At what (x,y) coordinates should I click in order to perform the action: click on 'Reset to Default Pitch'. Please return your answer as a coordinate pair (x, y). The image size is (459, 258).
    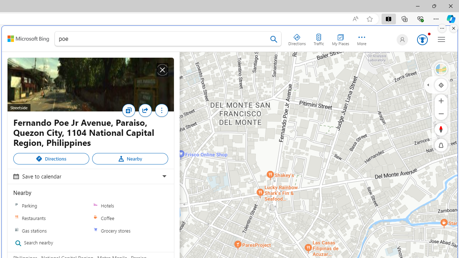
    Looking at the image, I should click on (441, 145).